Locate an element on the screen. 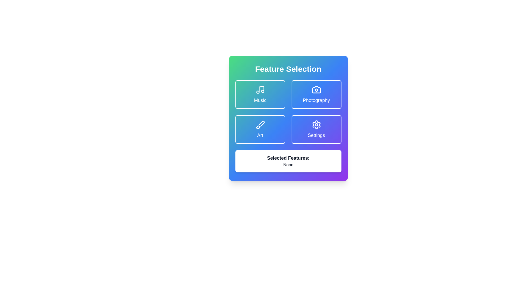 This screenshot has width=509, height=286. the Text Label that identifies the 'Photography' selection card, which is located beneath the camera icon within the card is located at coordinates (316, 100).